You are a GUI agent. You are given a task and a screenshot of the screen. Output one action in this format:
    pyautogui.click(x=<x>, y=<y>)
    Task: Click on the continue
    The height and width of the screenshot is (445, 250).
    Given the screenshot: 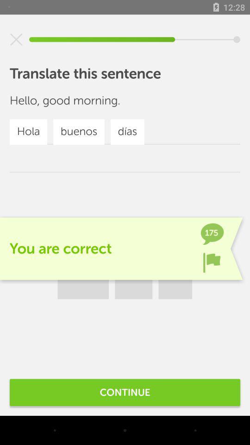 What is the action you would take?
    pyautogui.click(x=125, y=392)
    